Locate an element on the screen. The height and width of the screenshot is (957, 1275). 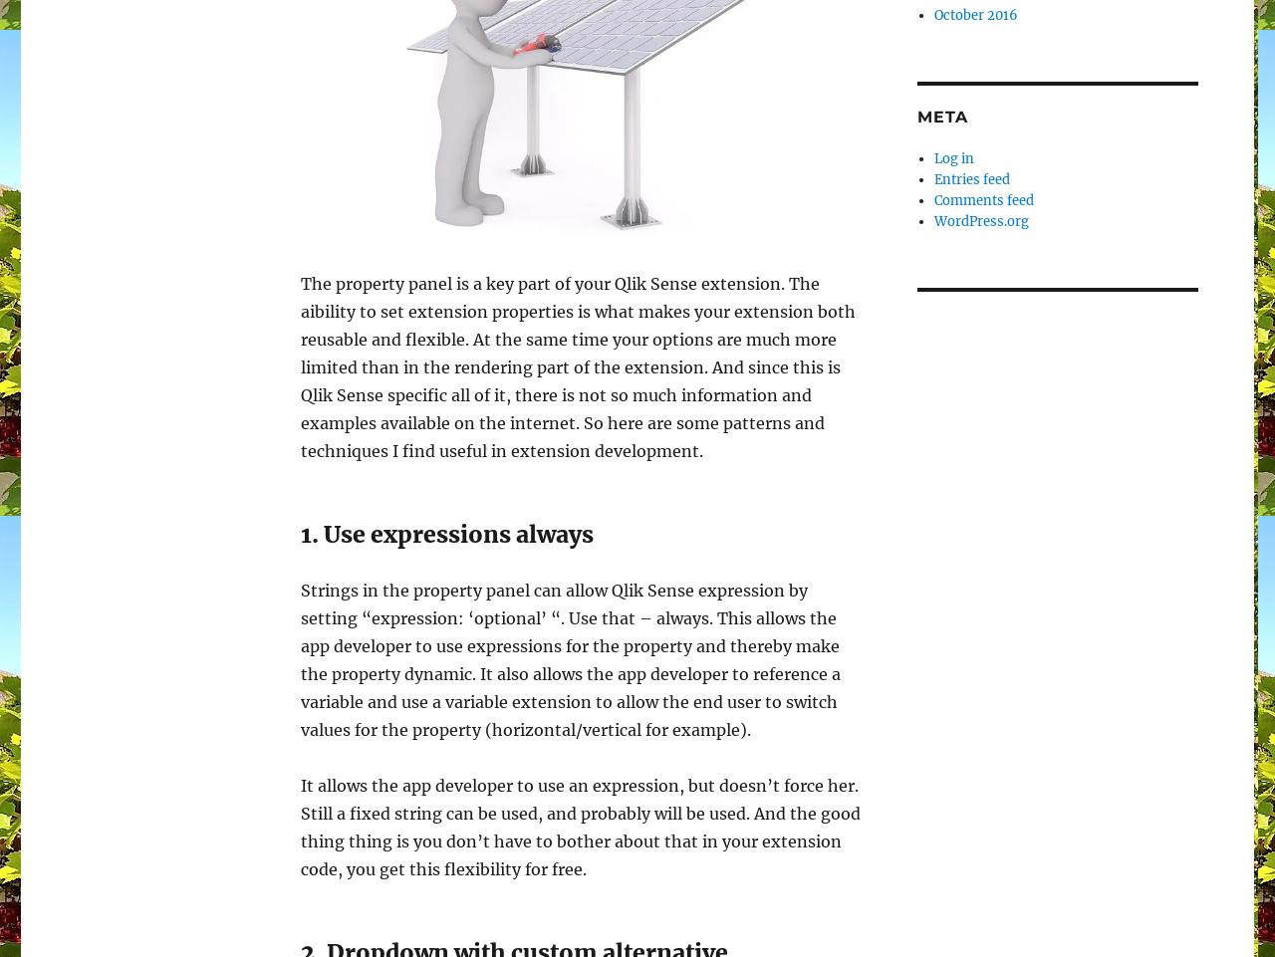
'1. Use expressions always' is located at coordinates (446, 533).